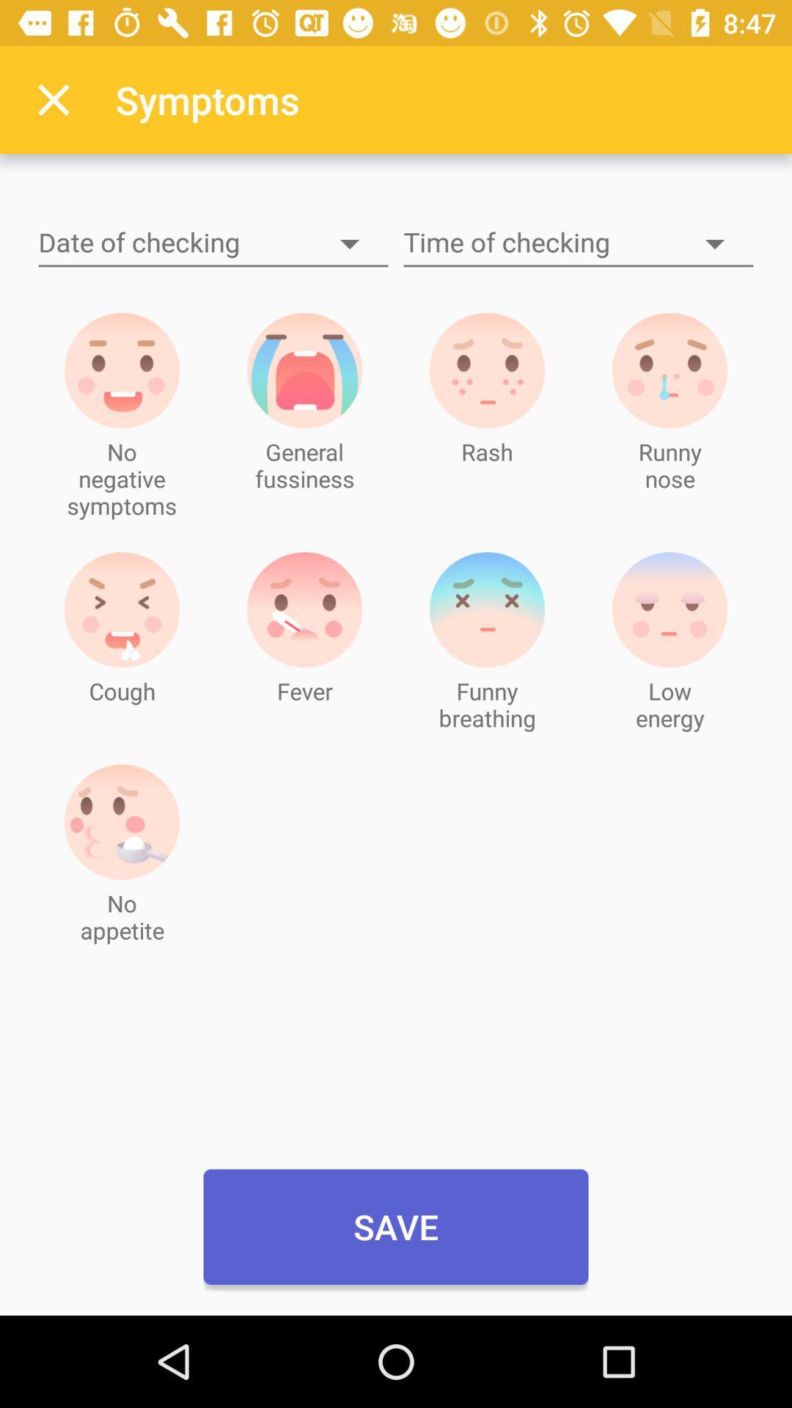 This screenshot has height=1408, width=792. What do you see at coordinates (578, 243) in the screenshot?
I see `time of checking` at bounding box center [578, 243].